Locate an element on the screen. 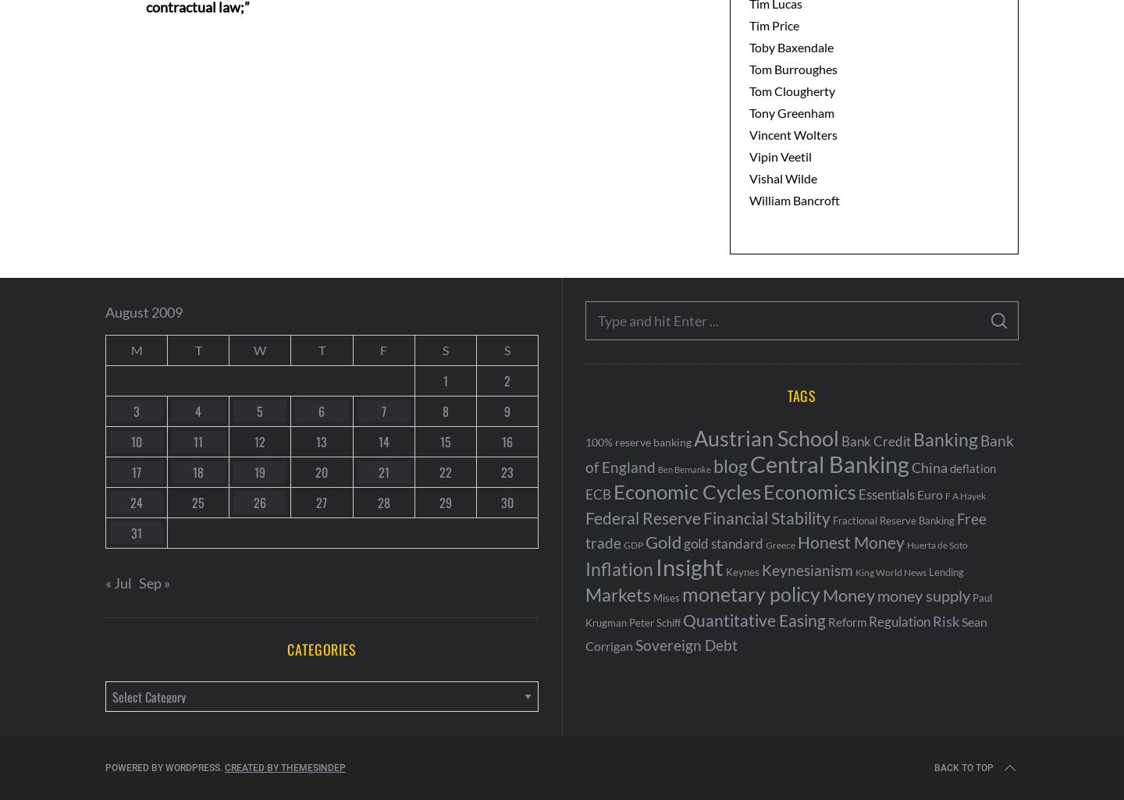 The height and width of the screenshot is (800, 1124). 'Central Banking' is located at coordinates (830, 464).